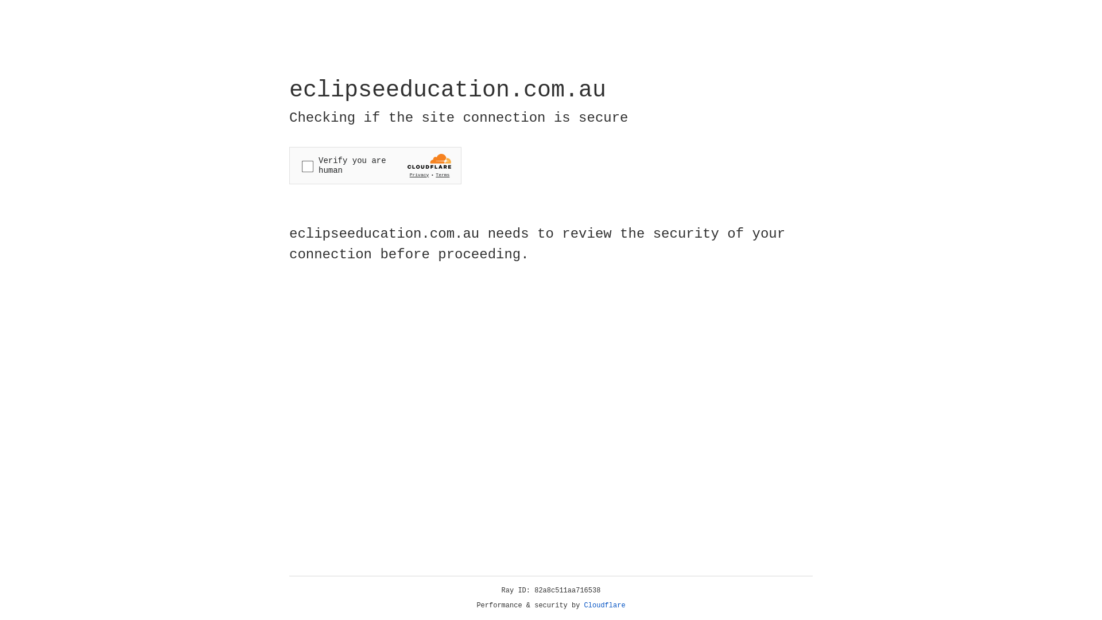  Describe the element at coordinates (604, 605) in the screenshot. I see `'Cloudflare'` at that location.